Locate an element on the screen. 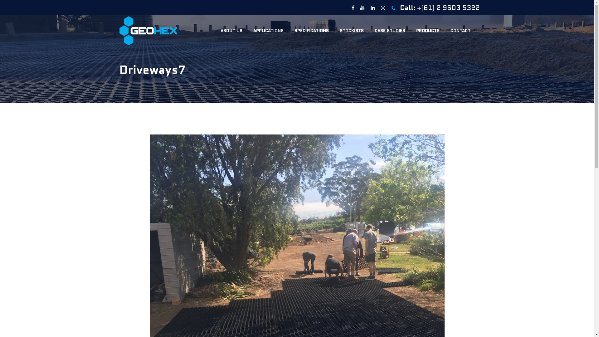 The height and width of the screenshot is (337, 599). 'SPECIFICATIONS' is located at coordinates (311, 31).